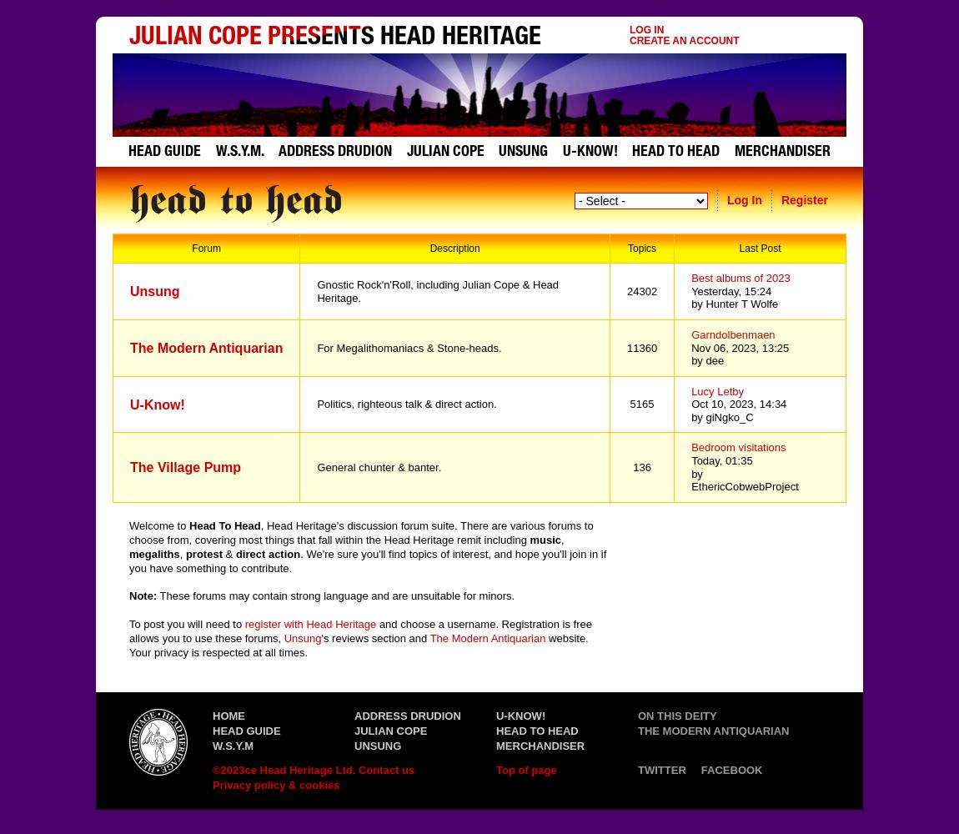 Image resolution: width=959 pixels, height=834 pixels. What do you see at coordinates (379, 466) in the screenshot?
I see `'General chunter & banter.'` at bounding box center [379, 466].